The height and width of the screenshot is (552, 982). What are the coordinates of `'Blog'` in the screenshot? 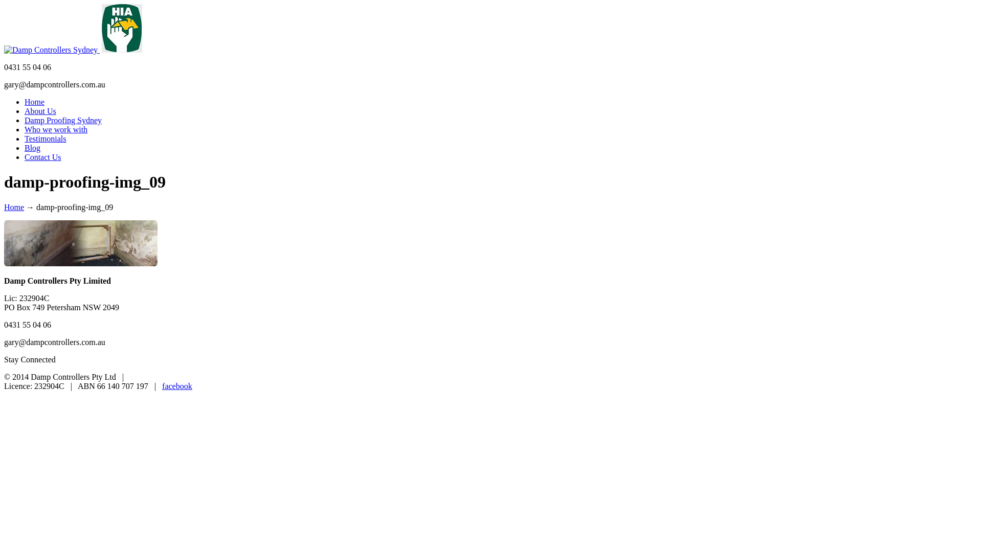 It's located at (32, 148).